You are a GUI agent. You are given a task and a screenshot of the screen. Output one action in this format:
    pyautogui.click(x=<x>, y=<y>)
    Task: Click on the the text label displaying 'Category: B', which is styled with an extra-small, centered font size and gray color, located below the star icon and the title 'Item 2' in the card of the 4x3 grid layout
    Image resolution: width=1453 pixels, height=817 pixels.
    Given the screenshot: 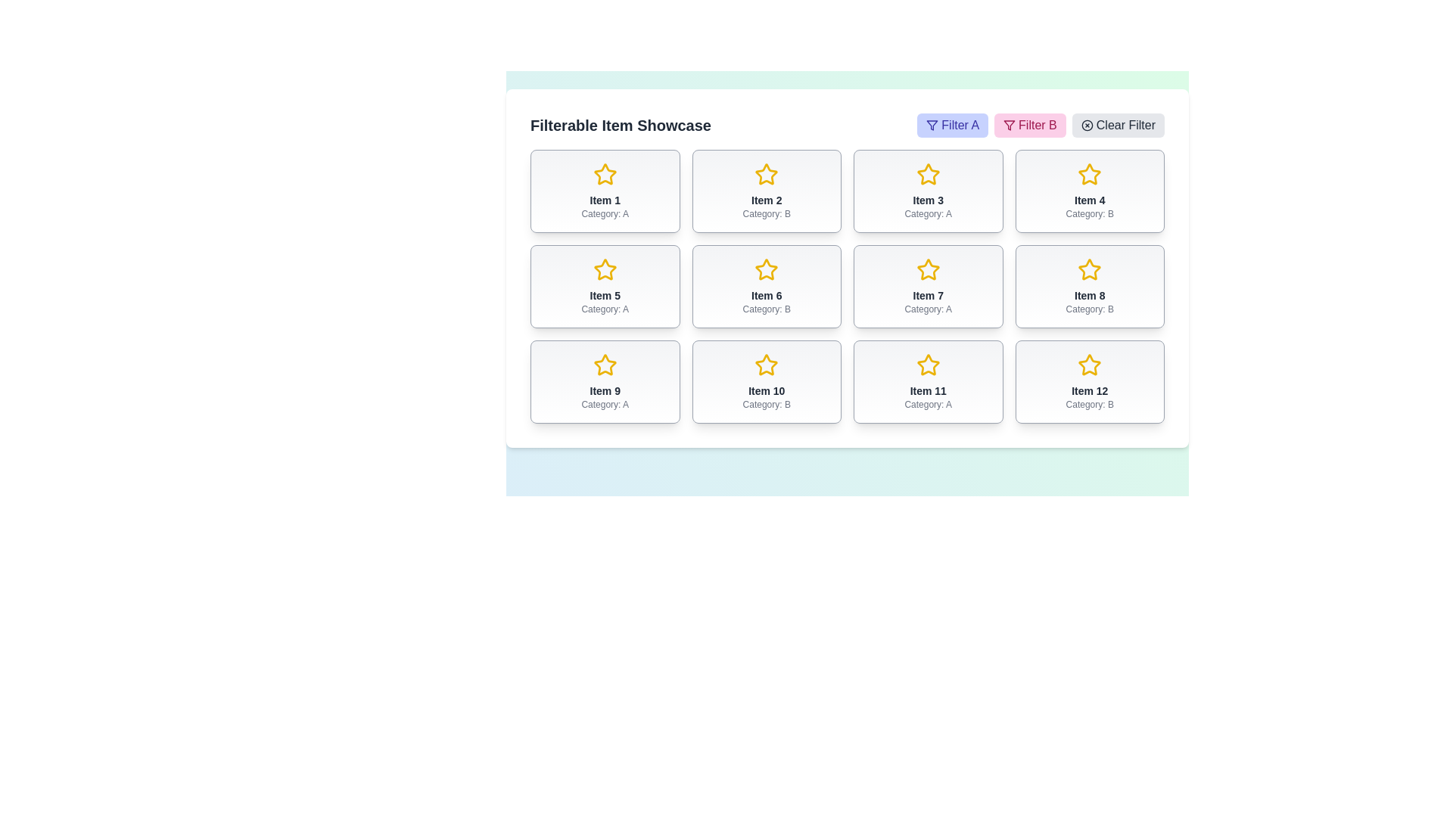 What is the action you would take?
    pyautogui.click(x=767, y=213)
    